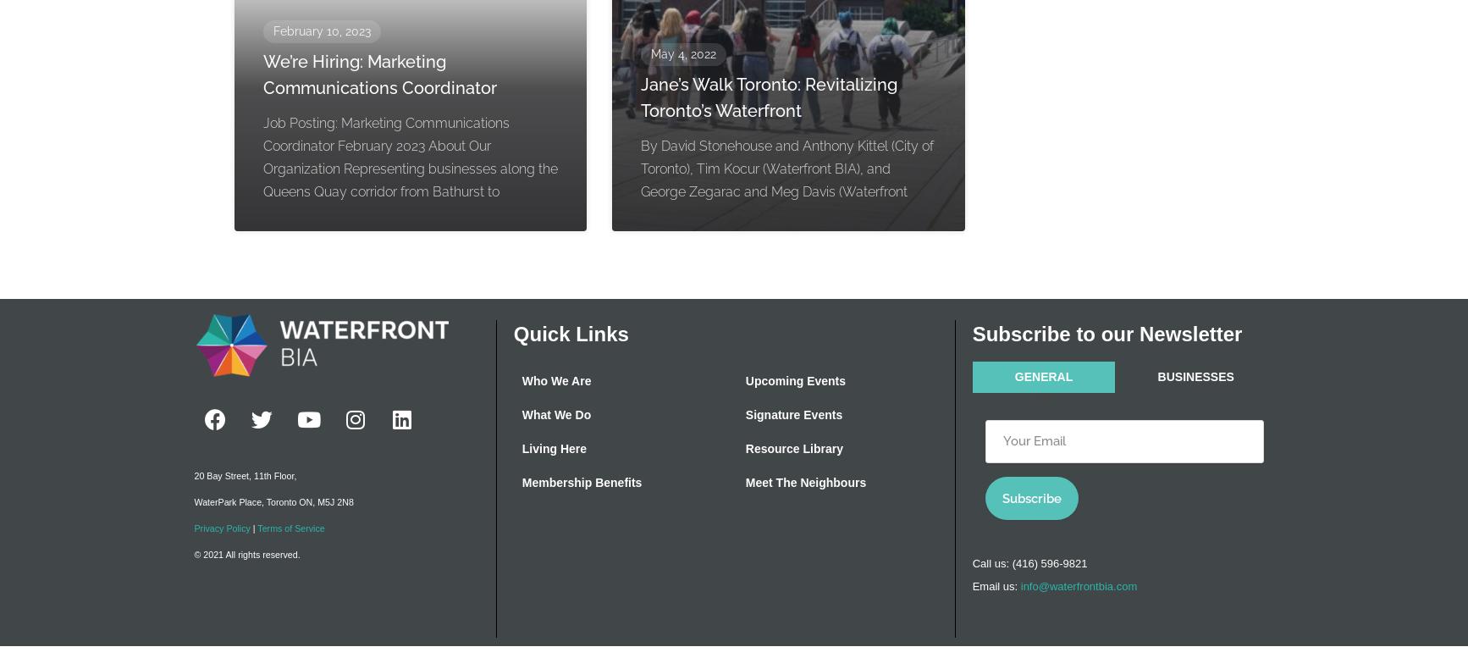  What do you see at coordinates (252, 528) in the screenshot?
I see `'|'` at bounding box center [252, 528].